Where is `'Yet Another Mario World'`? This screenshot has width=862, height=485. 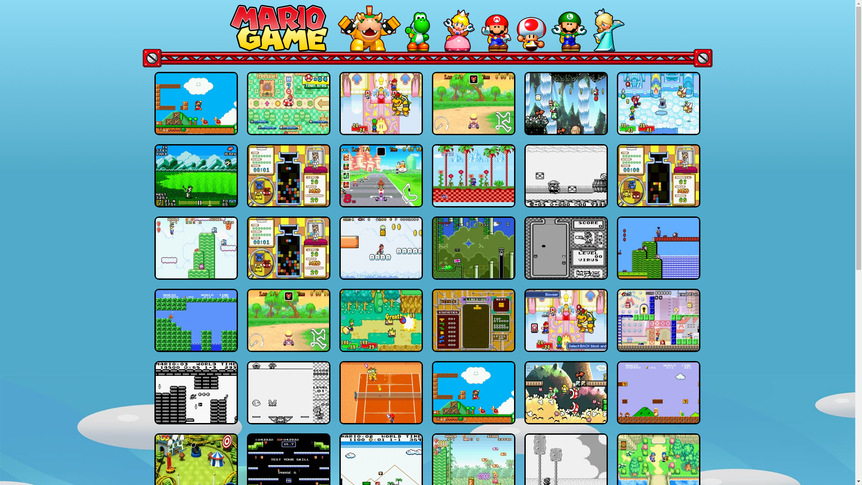 'Yet Another Mario World' is located at coordinates (433, 247).